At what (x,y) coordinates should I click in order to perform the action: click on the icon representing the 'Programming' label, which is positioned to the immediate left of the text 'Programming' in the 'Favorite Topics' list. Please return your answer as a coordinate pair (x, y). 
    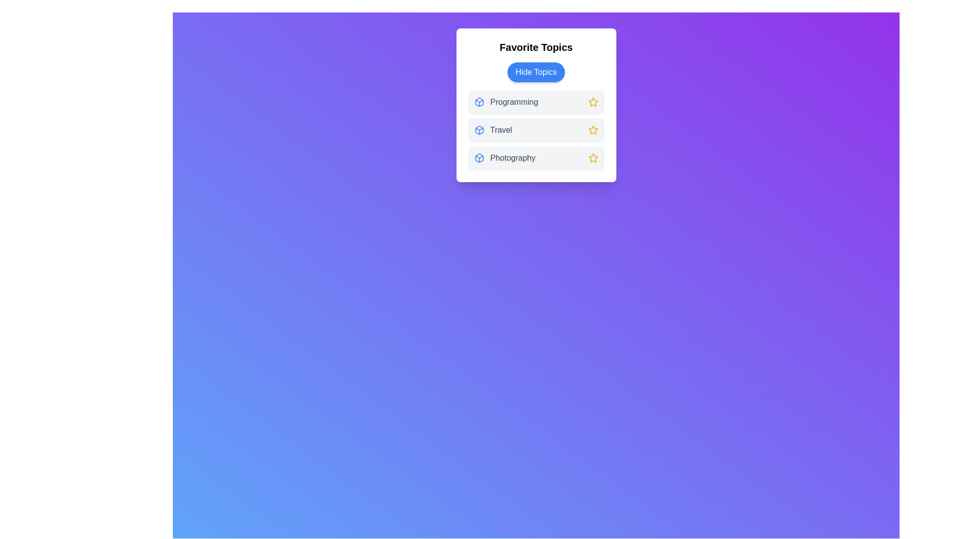
    Looking at the image, I should click on (479, 102).